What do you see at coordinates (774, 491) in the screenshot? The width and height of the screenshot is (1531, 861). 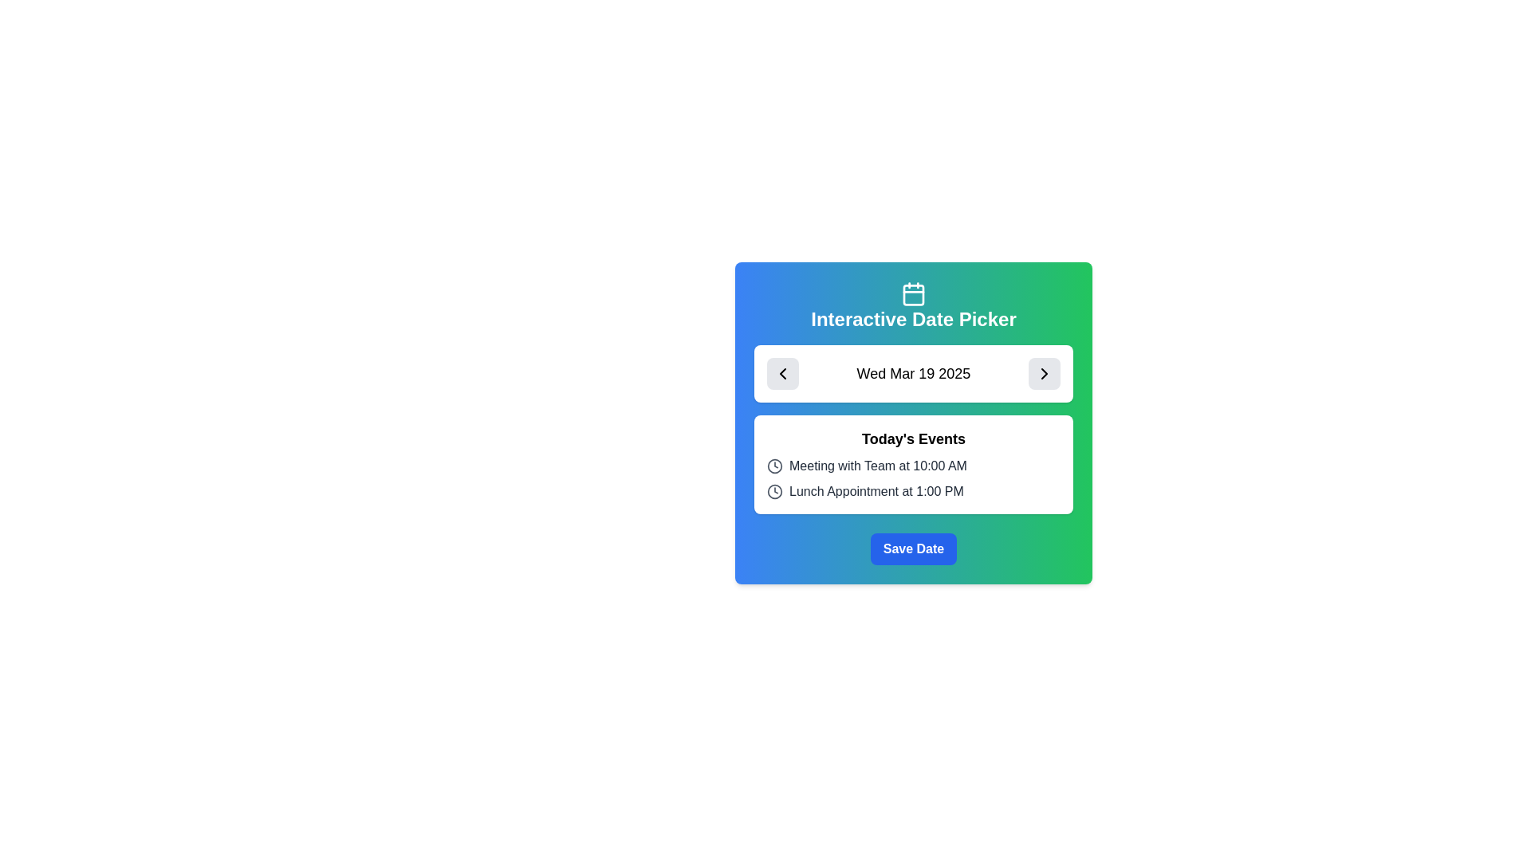 I see `the lunch appointment icon, which is positioned to the far left of the text 'Lunch Appointment at 1:00 PM'` at bounding box center [774, 491].